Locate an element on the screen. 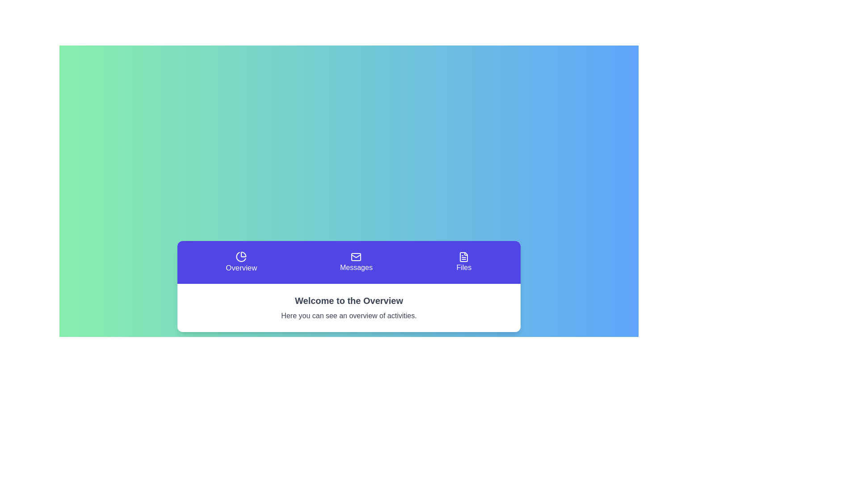 The width and height of the screenshot is (858, 482). the Files section of the dashboard is located at coordinates (464, 262).